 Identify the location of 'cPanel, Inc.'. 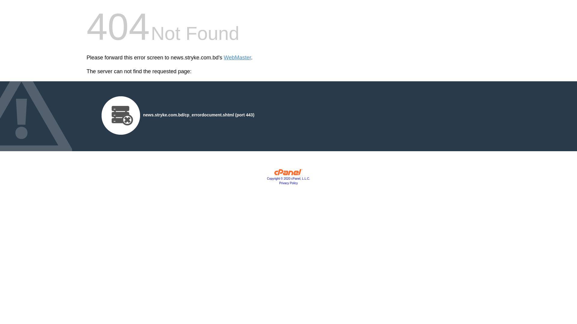
(274, 173).